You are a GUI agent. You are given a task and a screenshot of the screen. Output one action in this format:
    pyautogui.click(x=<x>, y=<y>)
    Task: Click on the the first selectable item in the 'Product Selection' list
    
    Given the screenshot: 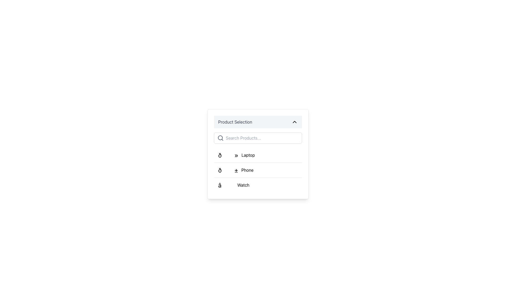 What is the action you would take?
    pyautogui.click(x=236, y=155)
    